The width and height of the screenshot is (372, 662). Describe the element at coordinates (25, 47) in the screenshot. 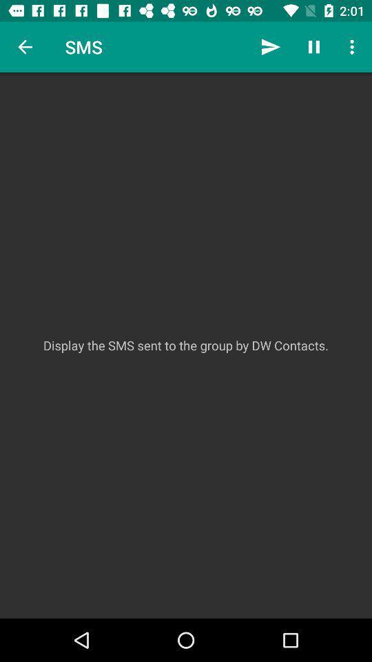

I see `item to the left of the sms icon` at that location.